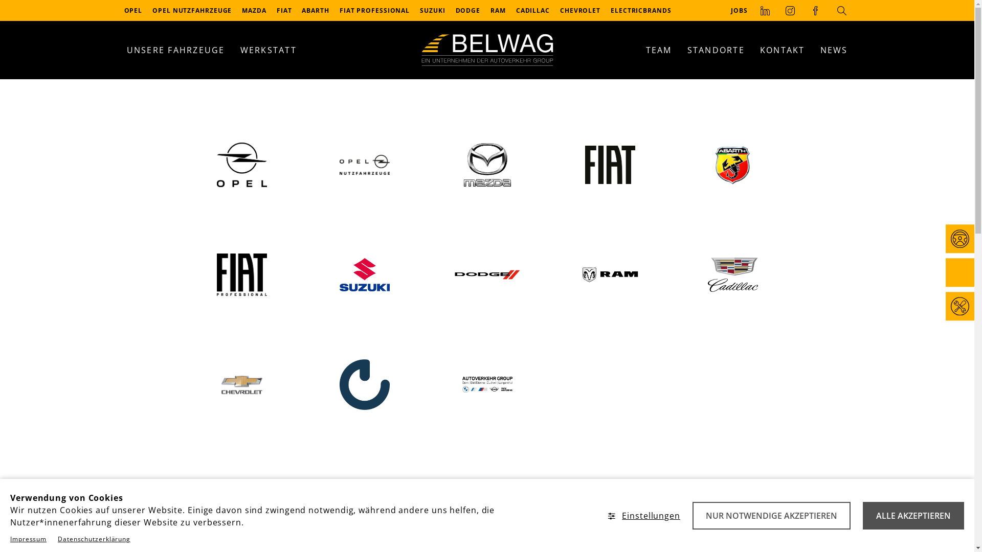 The image size is (982, 552). Describe the element at coordinates (334, 10) in the screenshot. I see `'FIAT PROFESSIONAL'` at that location.